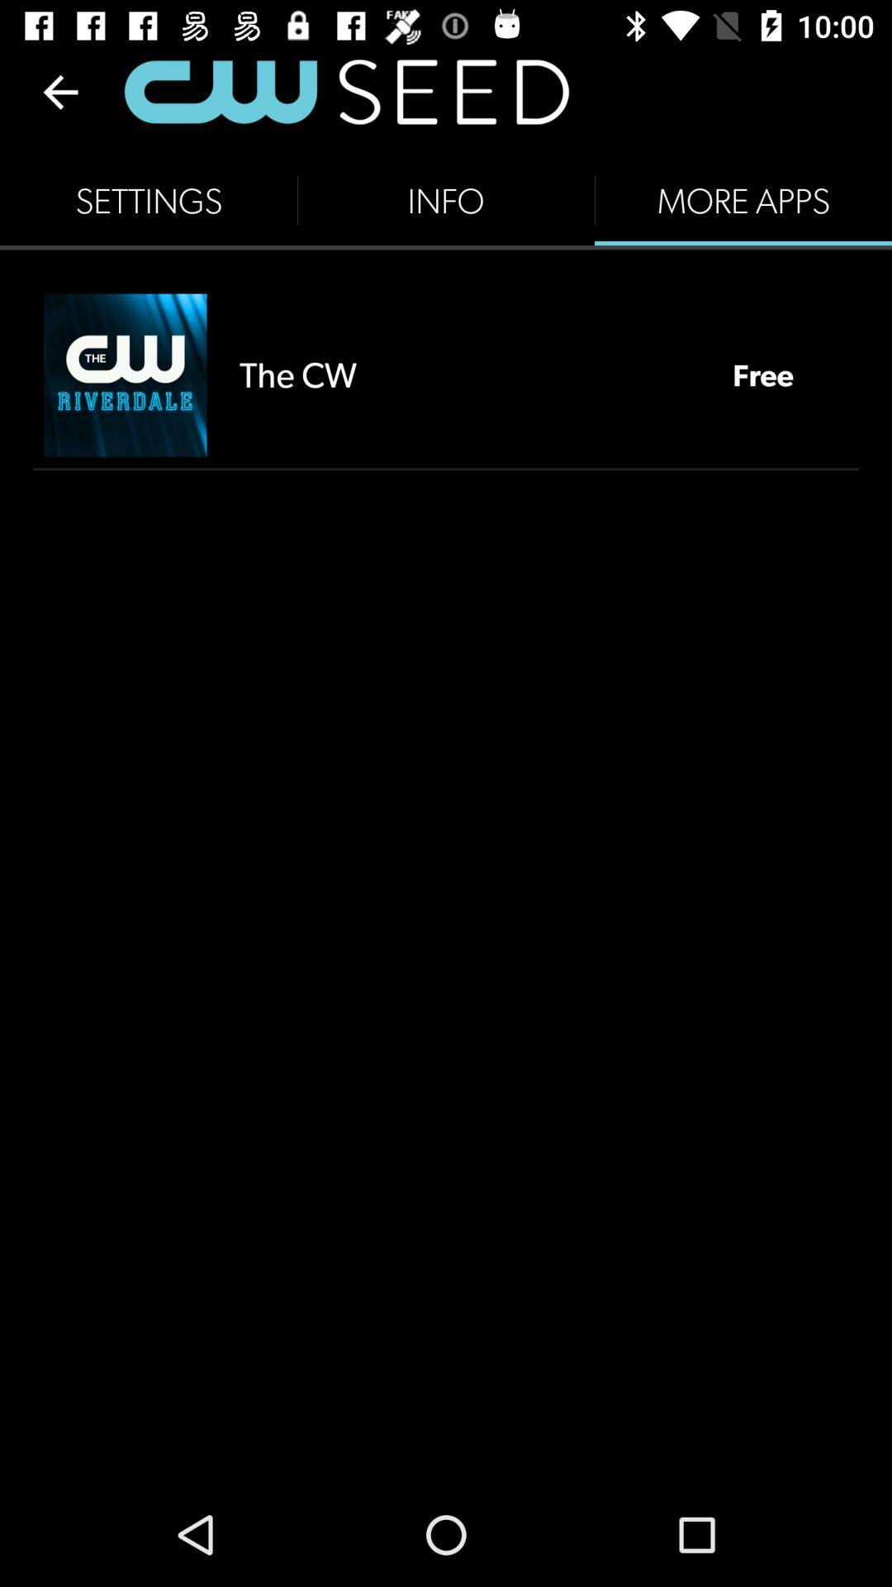  I want to click on the item next to the more apps, so click(446, 200).